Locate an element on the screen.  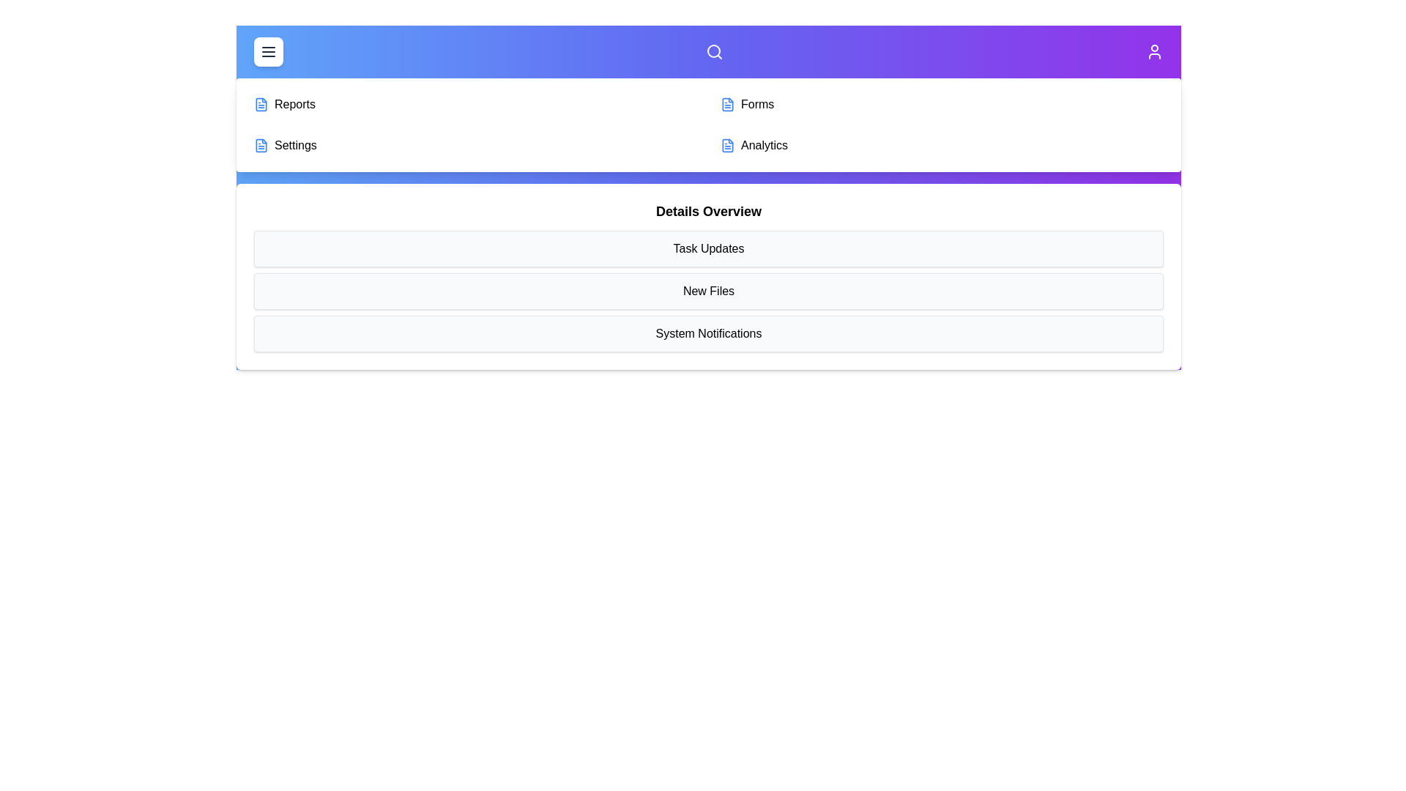
the menu item Settings from the available options is located at coordinates (475, 146).